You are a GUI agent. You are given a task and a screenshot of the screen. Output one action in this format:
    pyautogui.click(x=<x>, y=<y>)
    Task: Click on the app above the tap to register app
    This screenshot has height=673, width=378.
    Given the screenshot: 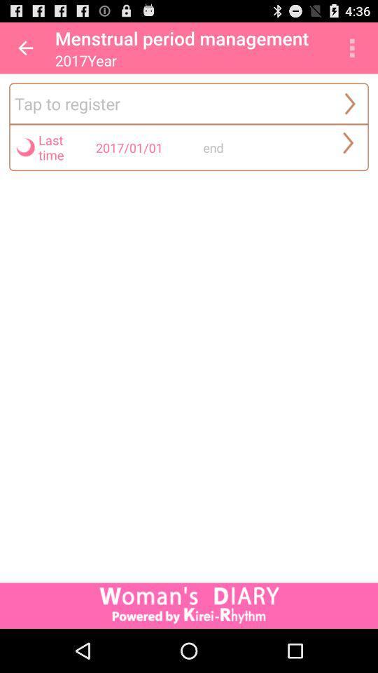 What is the action you would take?
    pyautogui.click(x=351, y=48)
    